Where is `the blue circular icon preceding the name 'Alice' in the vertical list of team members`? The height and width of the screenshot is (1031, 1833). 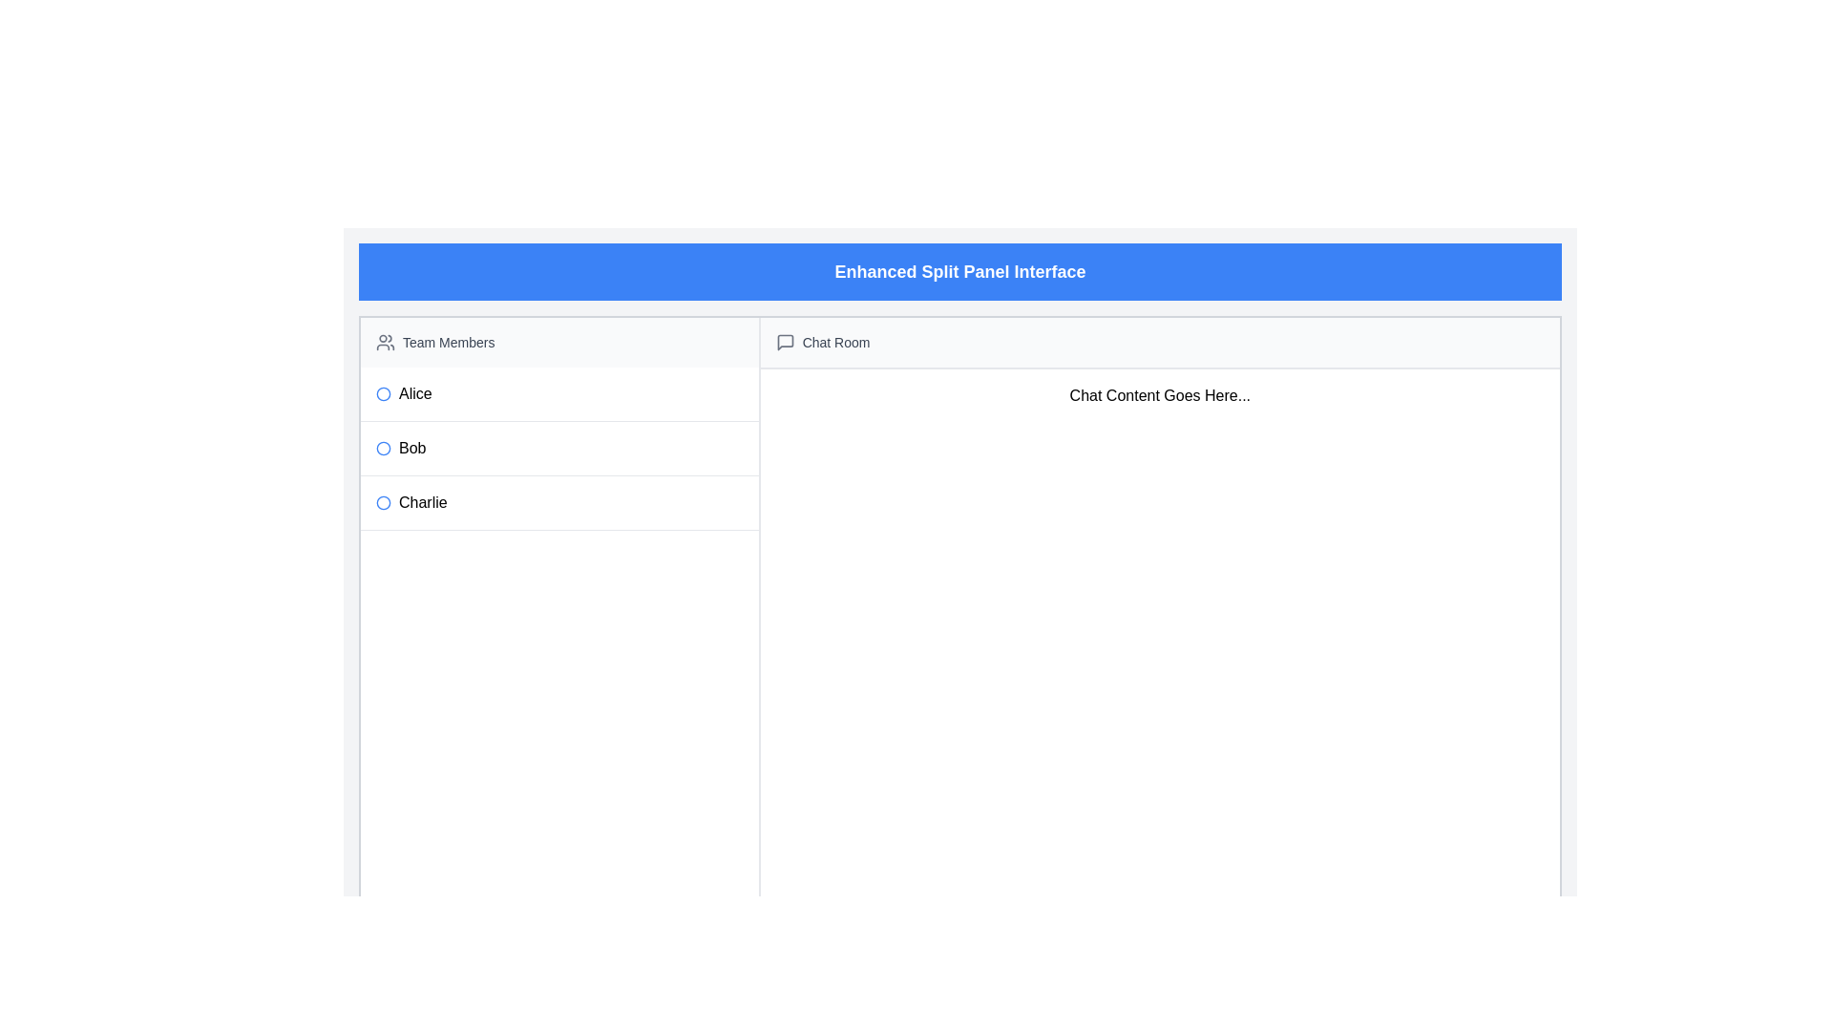
the blue circular icon preceding the name 'Alice' in the vertical list of team members is located at coordinates (383, 392).